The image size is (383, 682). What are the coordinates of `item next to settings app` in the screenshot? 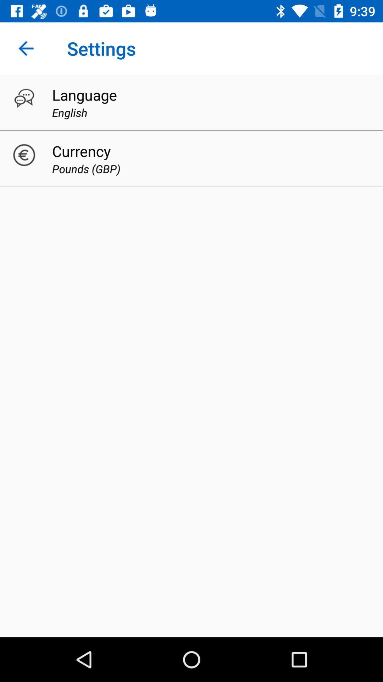 It's located at (26, 48).